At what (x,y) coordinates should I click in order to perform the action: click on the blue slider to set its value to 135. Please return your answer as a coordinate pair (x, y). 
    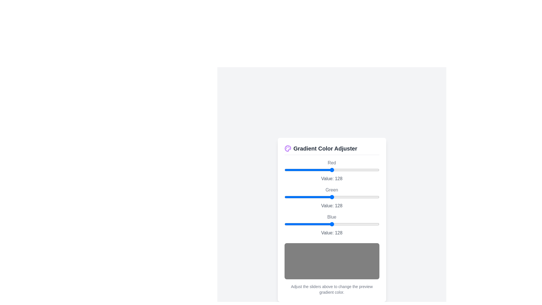
    Looking at the image, I should click on (335, 224).